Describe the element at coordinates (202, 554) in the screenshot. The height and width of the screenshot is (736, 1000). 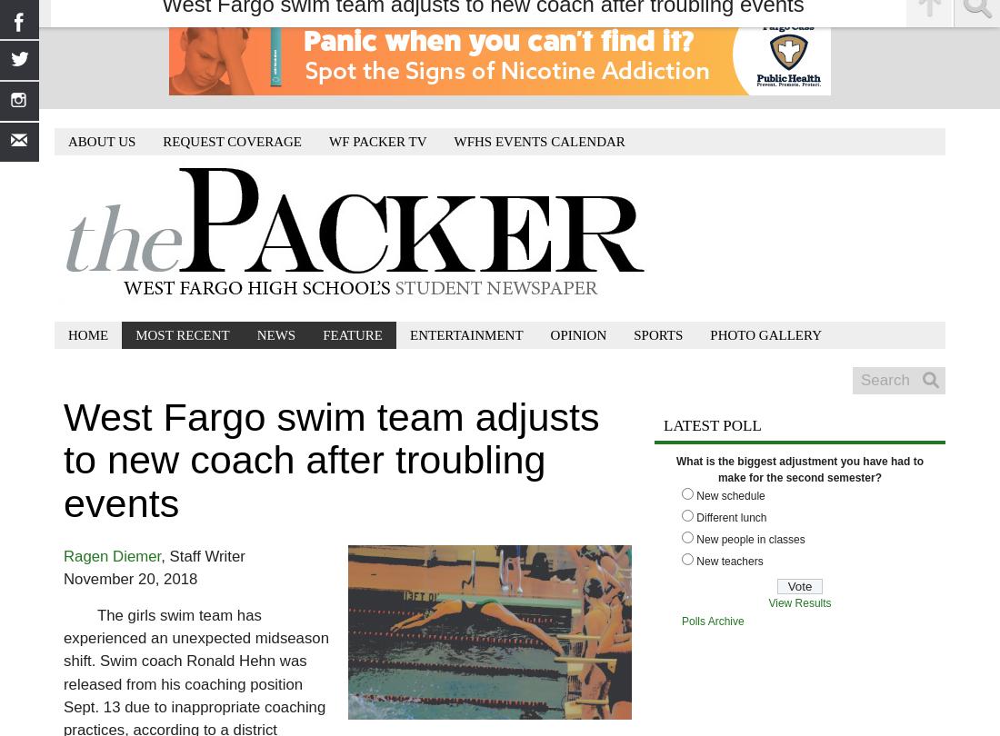
I see `', Staff Writer'` at that location.